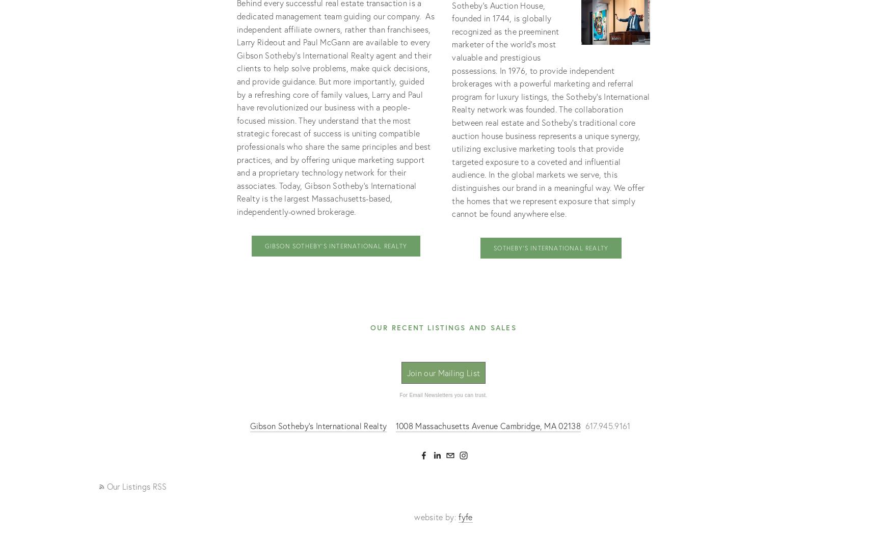 Image resolution: width=887 pixels, height=539 pixels. Describe the element at coordinates (106, 486) in the screenshot. I see `'Our Listings RSS'` at that location.